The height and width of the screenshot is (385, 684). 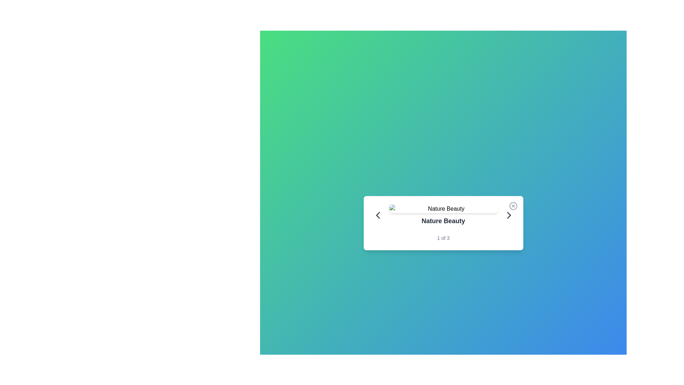 I want to click on text '1 of 3' displayed at the bottom of the pop-up card titled 'Nature Beauty', which is centered horizontally within a white, rounded, and shadowed card, so click(x=443, y=238).